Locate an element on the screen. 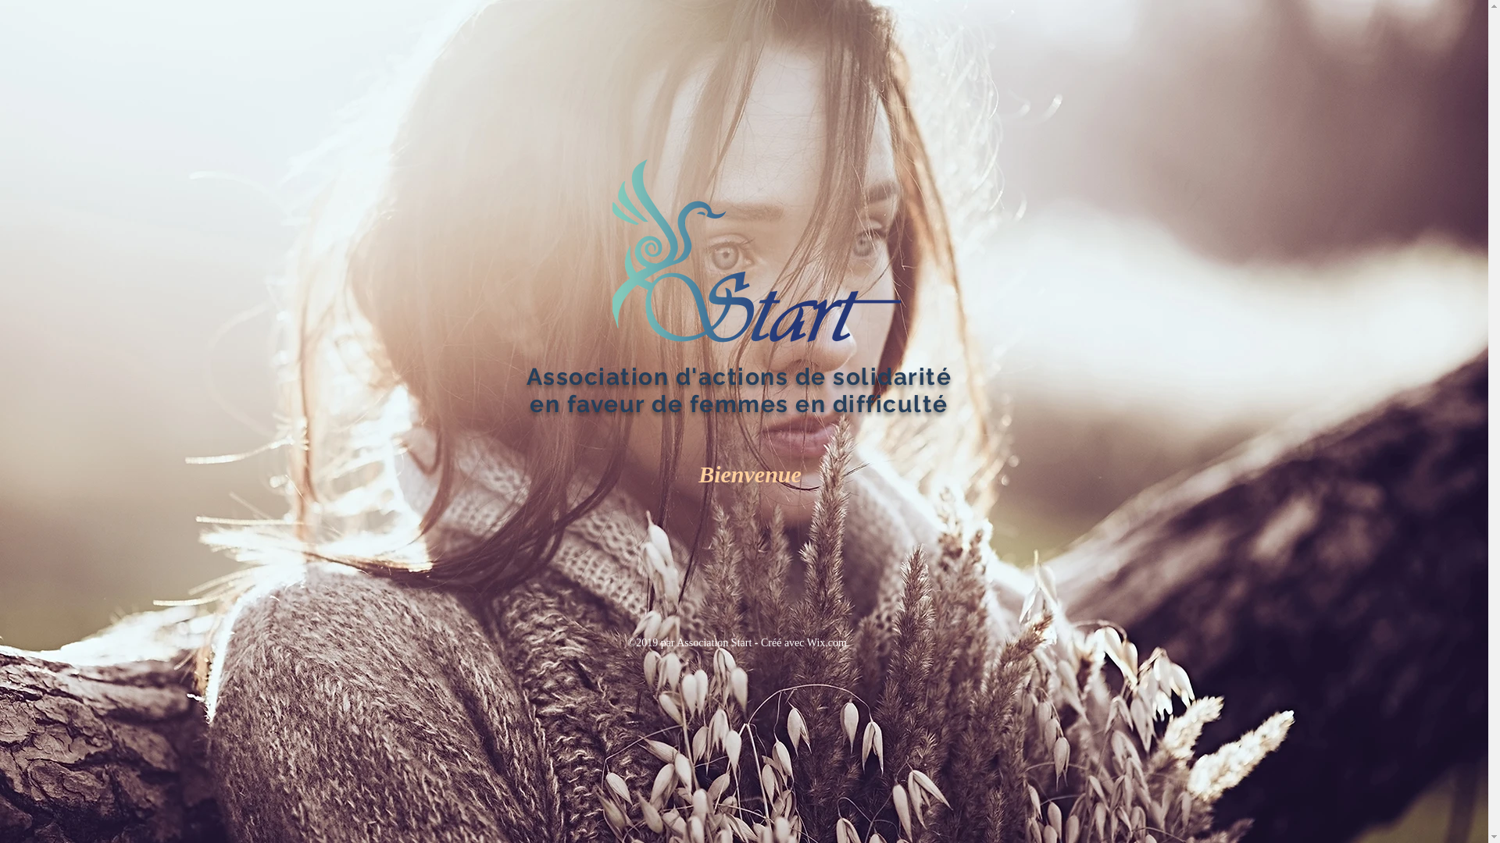 Image resolution: width=1500 pixels, height=843 pixels. 'Bienvenue' is located at coordinates (748, 473).